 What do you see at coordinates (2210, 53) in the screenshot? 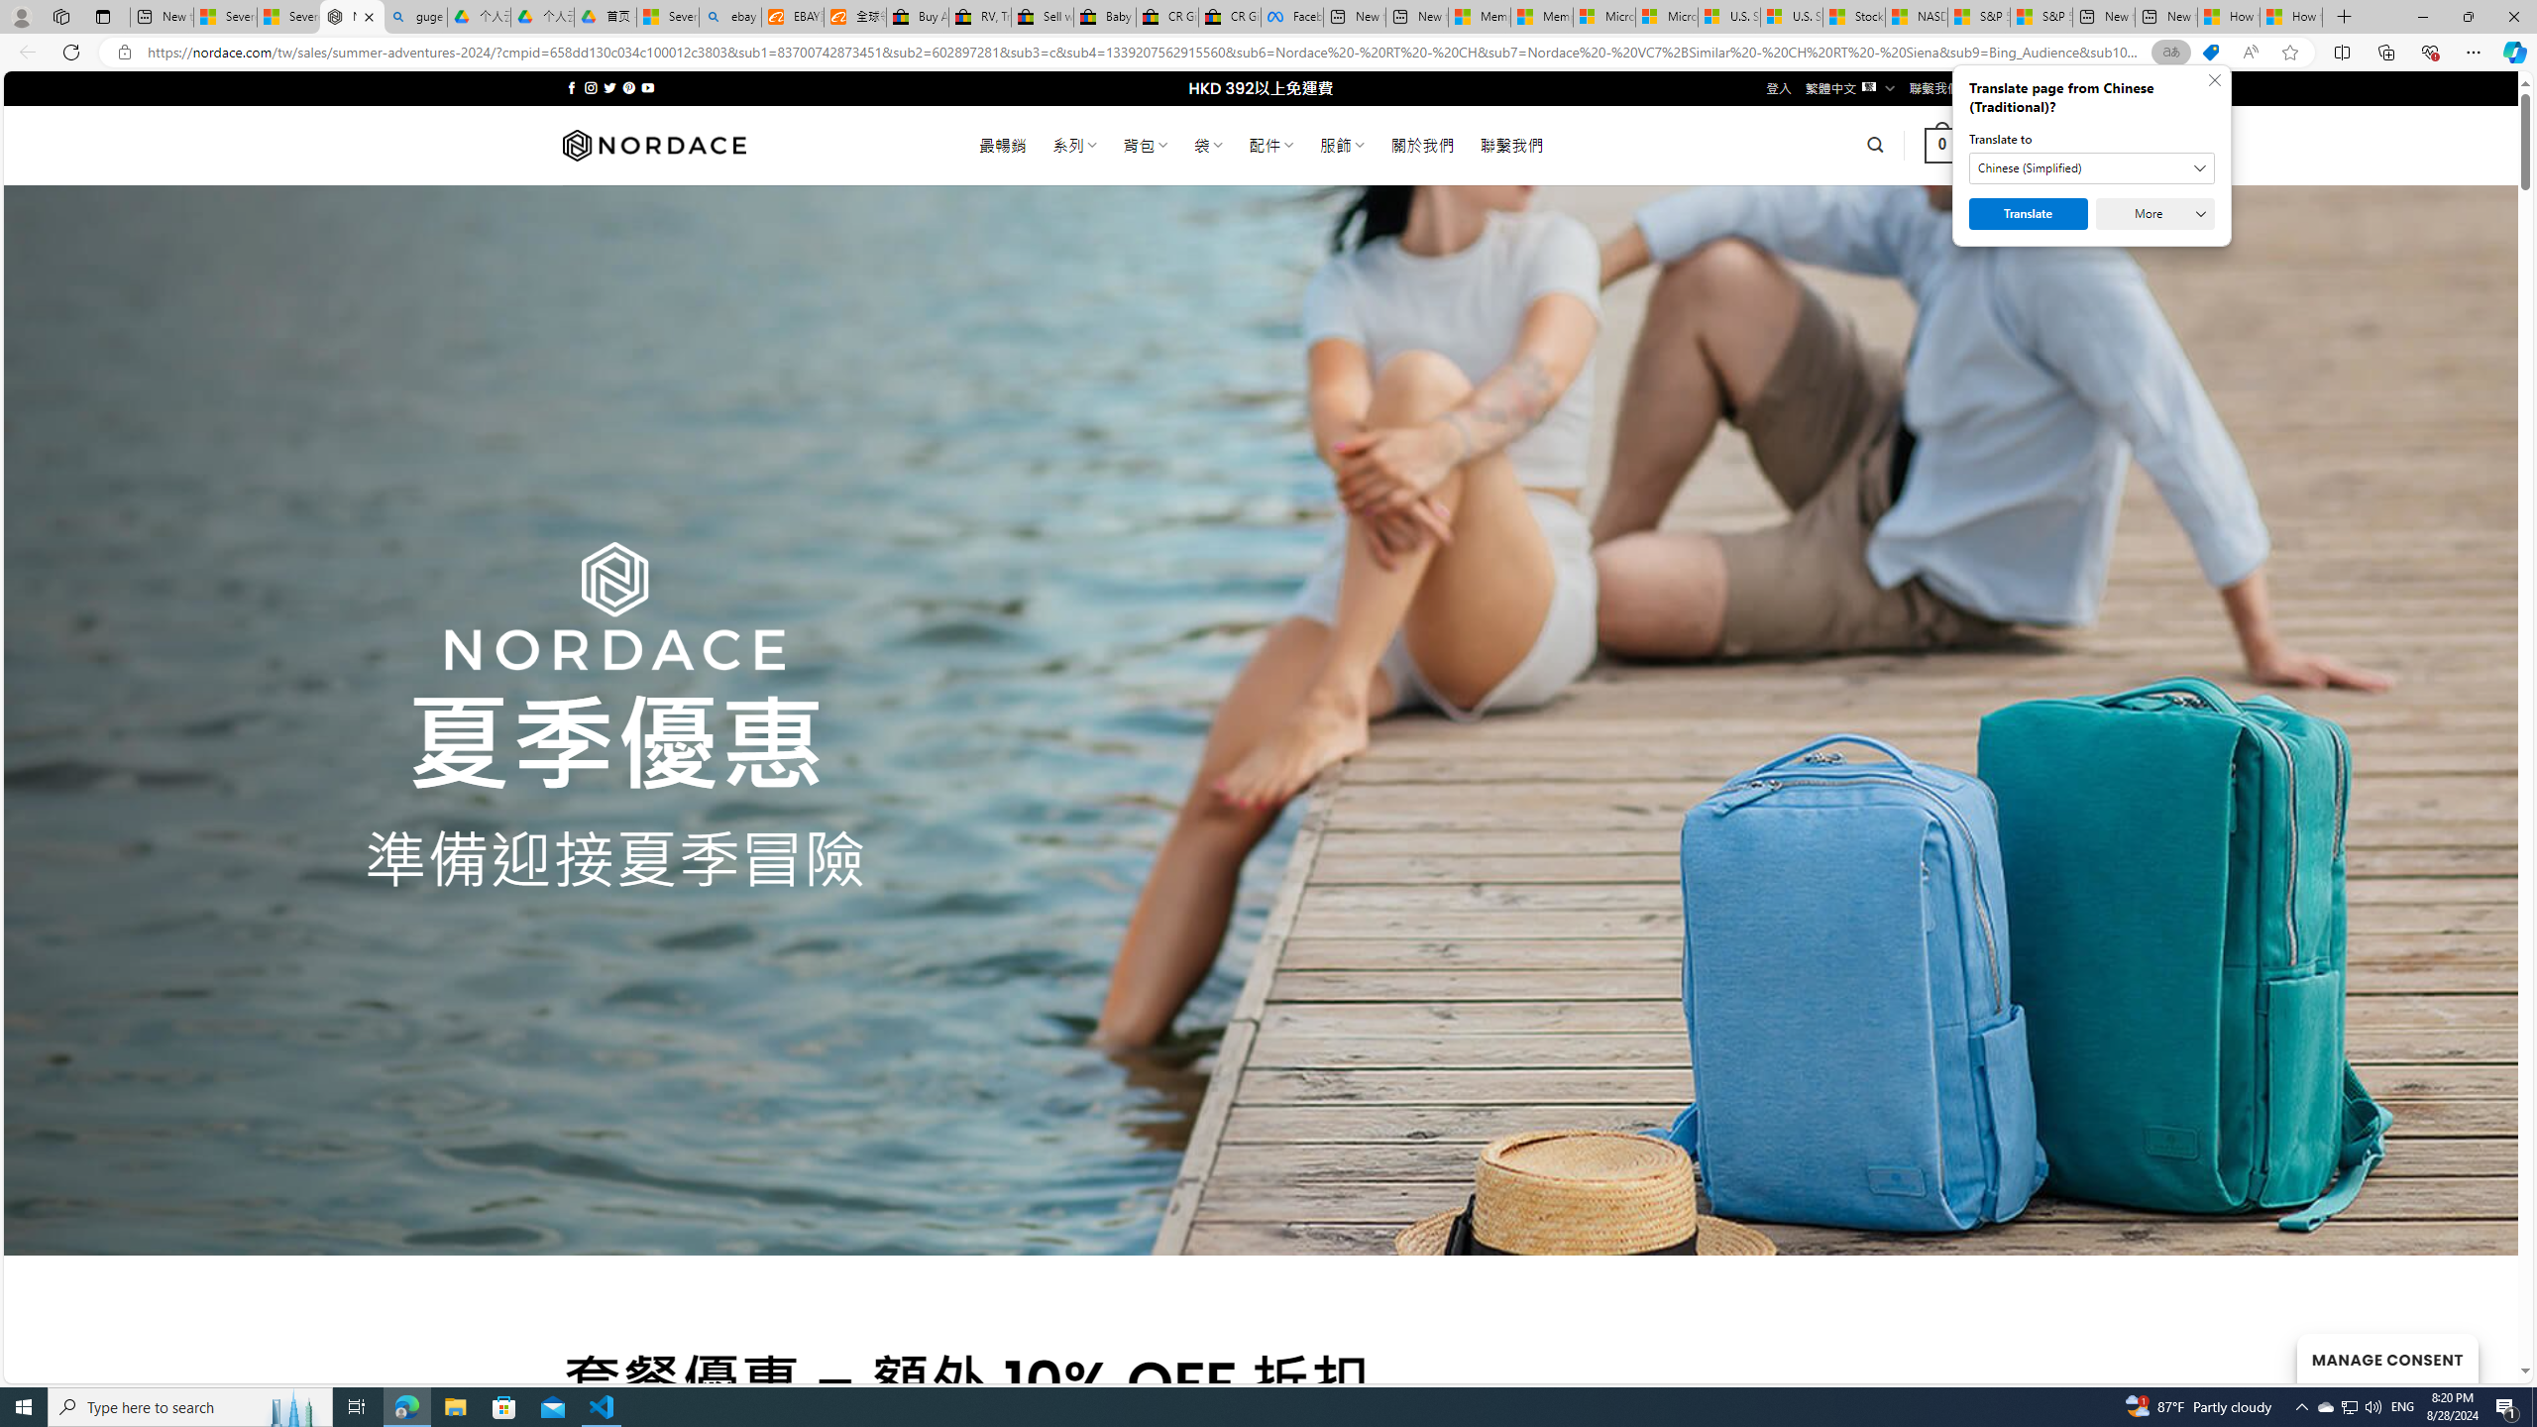
I see `'This site has coupons! Shopping in Microsoft Edge'` at bounding box center [2210, 53].